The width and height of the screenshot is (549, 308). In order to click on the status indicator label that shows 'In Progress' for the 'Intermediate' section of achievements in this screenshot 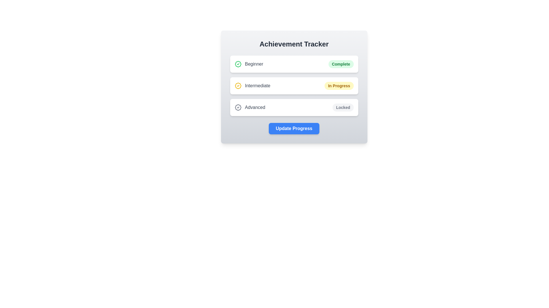, I will do `click(339, 86)`.